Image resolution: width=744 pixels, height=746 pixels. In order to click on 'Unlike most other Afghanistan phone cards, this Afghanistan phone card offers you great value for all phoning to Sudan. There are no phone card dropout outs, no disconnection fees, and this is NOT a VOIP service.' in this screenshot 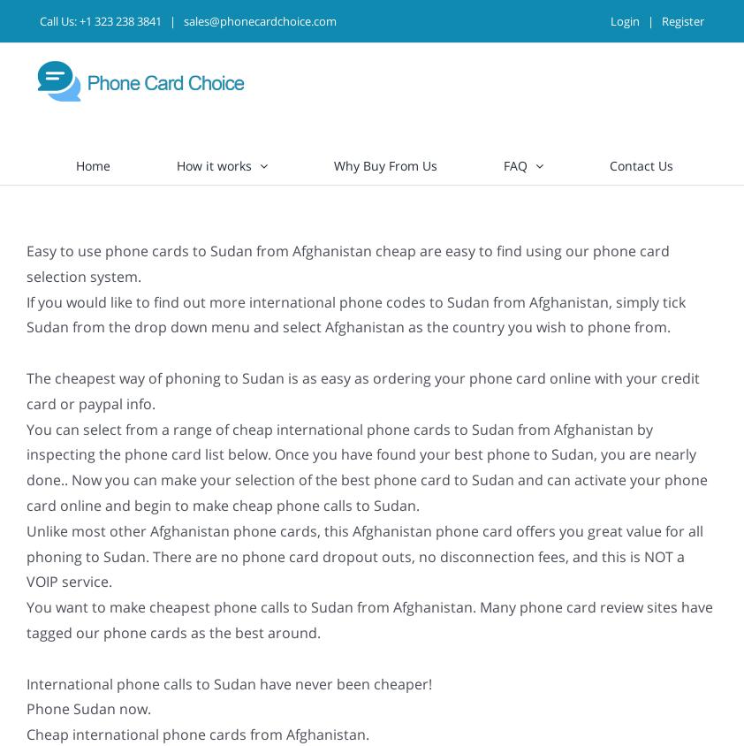, I will do `click(365, 556)`.